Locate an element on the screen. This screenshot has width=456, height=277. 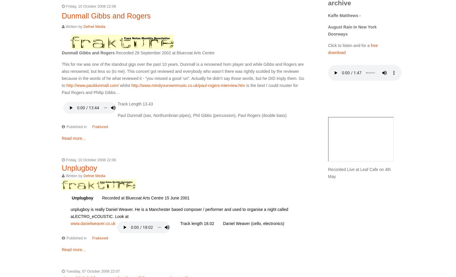
'August Rain In New York Doorways' is located at coordinates (352, 30).